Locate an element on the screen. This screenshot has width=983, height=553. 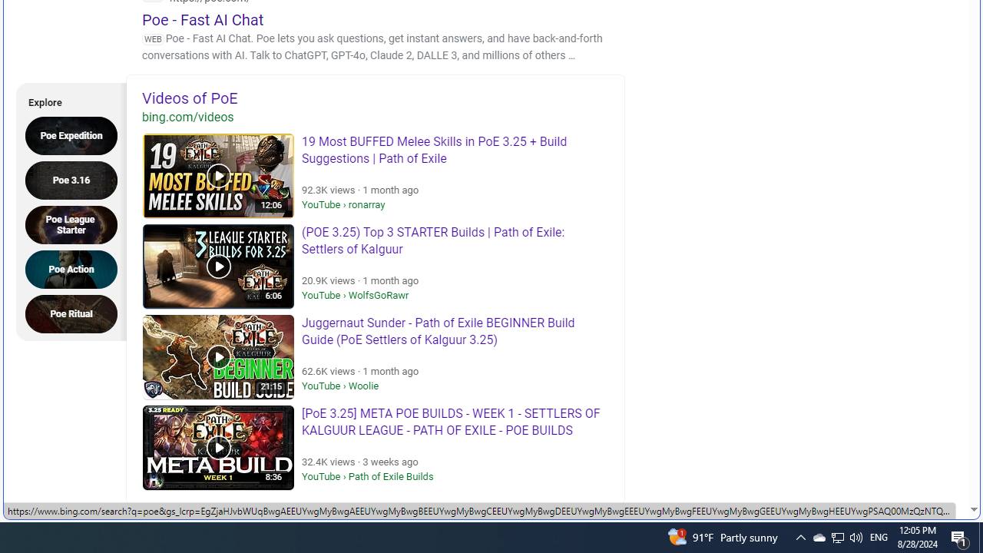
'Poe Action' is located at coordinates (75, 268).